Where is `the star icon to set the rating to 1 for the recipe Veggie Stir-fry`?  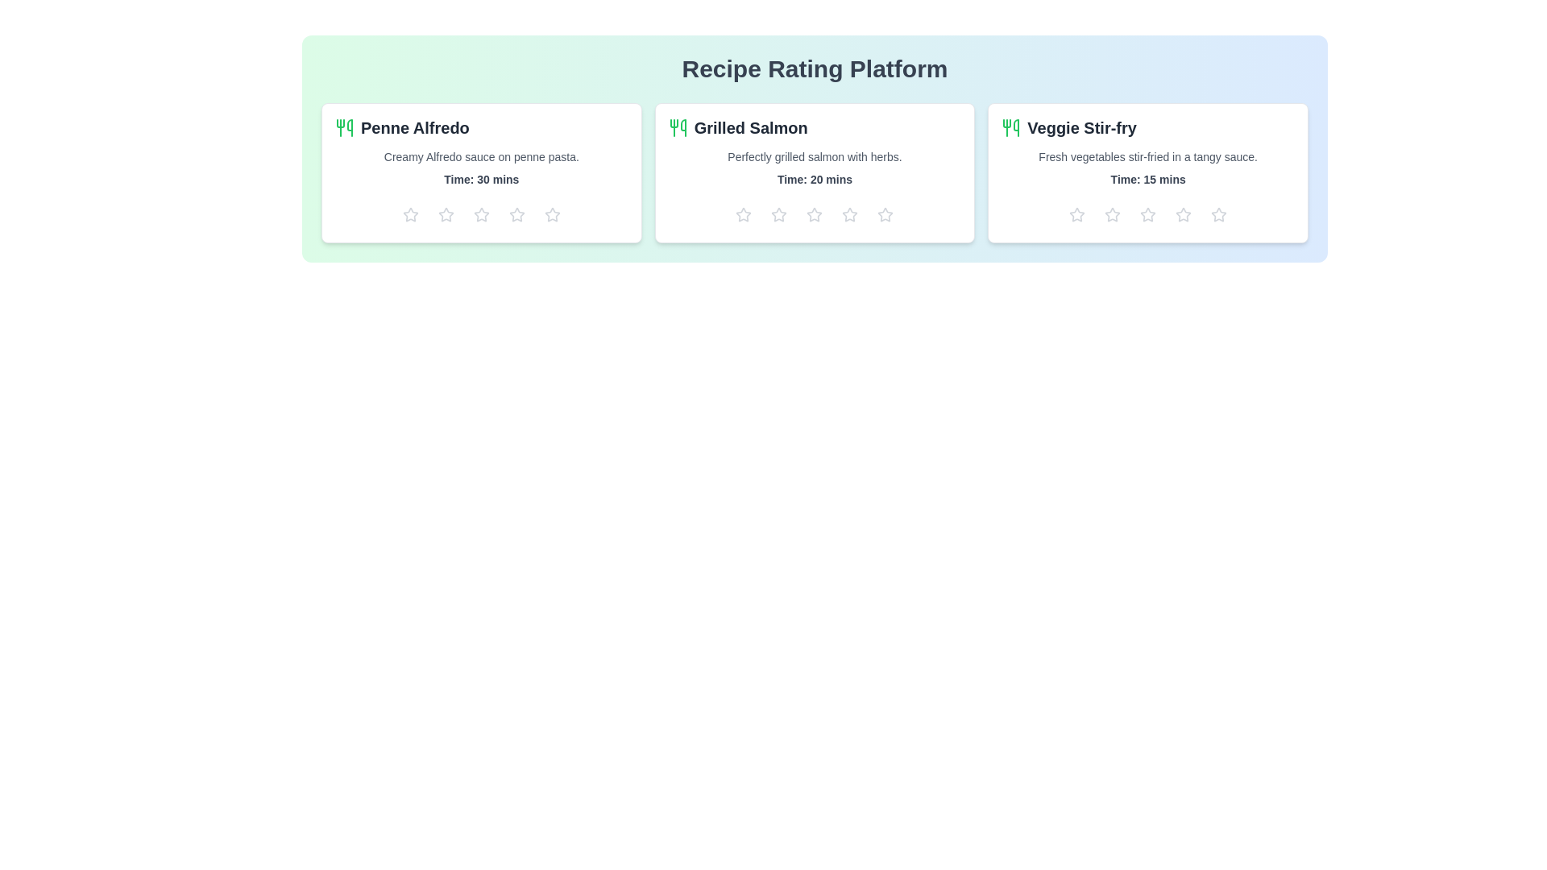
the star icon to set the rating to 1 for the recipe Veggie Stir-fry is located at coordinates (1077, 213).